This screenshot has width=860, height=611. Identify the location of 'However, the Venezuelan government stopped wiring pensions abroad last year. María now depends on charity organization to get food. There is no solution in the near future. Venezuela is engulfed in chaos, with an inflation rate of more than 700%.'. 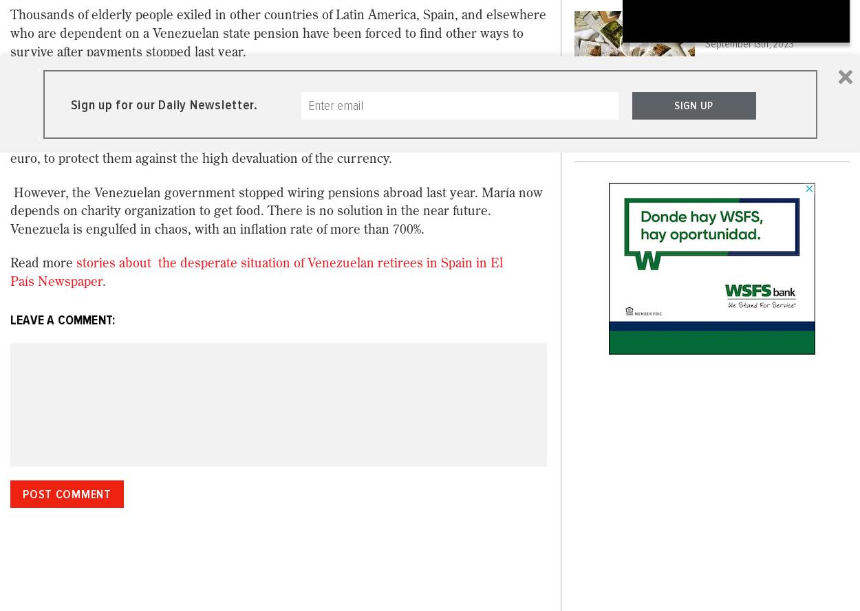
(277, 211).